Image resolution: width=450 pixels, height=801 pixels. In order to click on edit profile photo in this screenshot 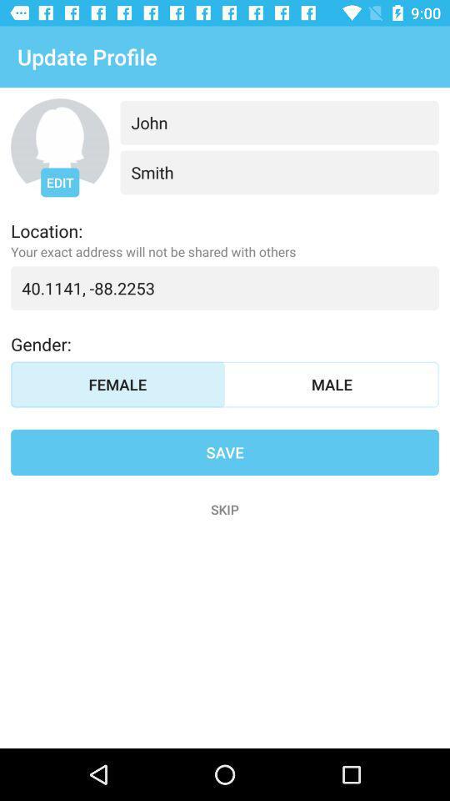, I will do `click(59, 147)`.